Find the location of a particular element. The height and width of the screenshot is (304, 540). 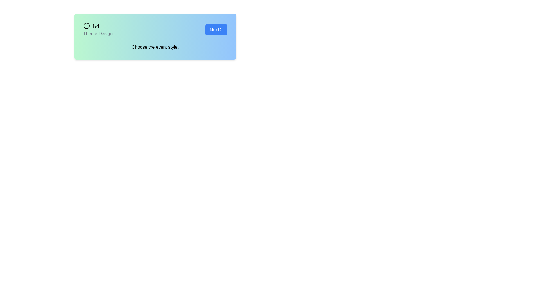

'Next' button to navigate to the next step is located at coordinates (216, 30).